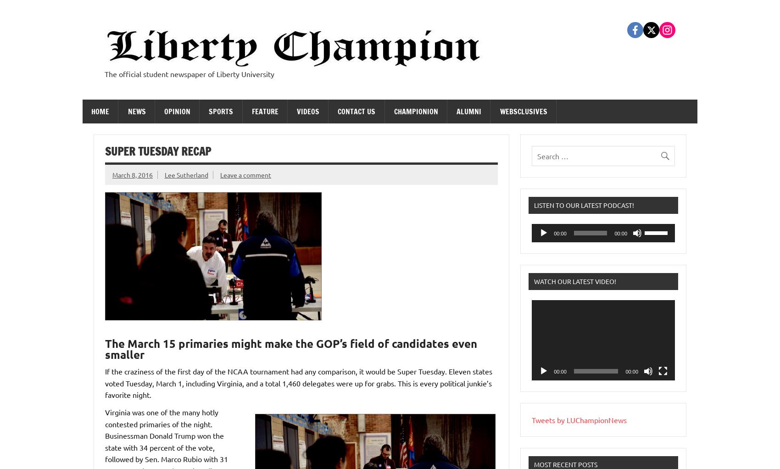 The width and height of the screenshot is (780, 469). I want to click on 'The official student newspaper of Liberty University', so click(189, 73).